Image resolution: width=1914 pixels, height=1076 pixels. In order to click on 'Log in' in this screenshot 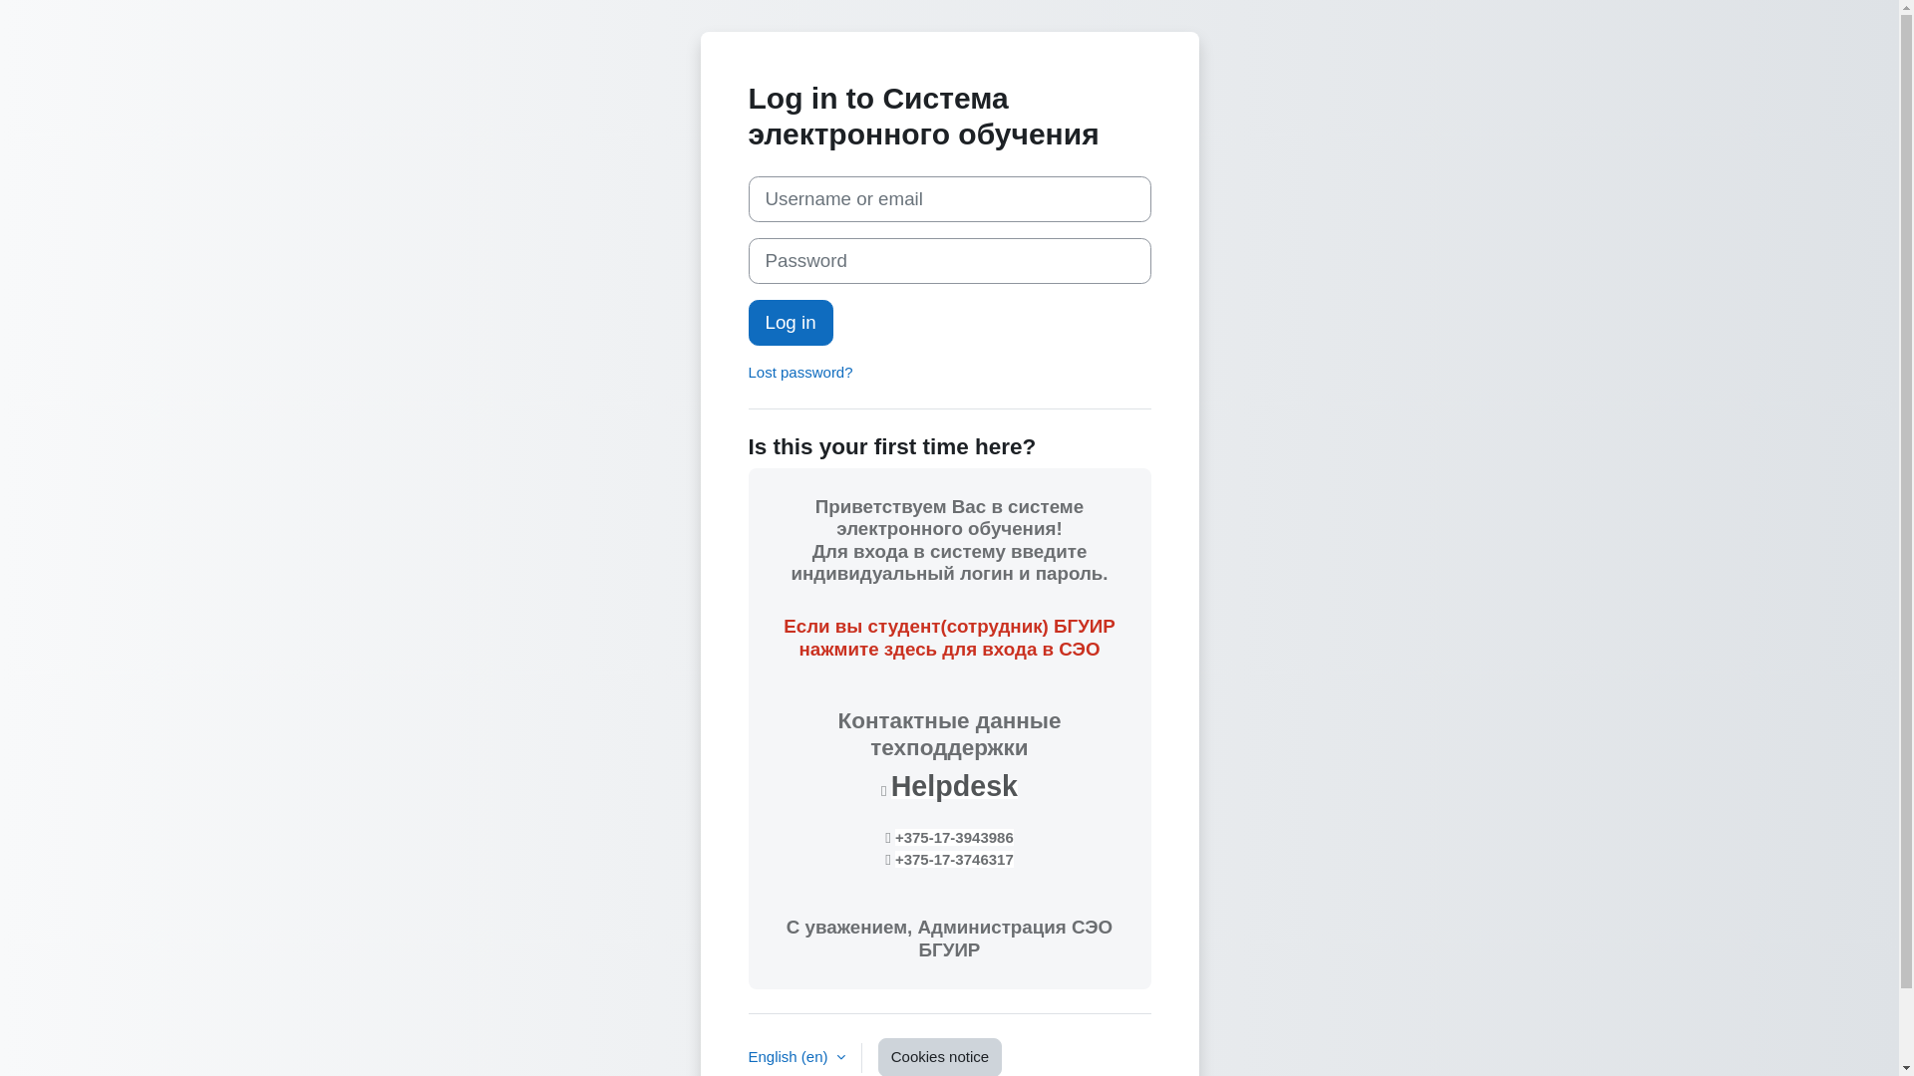, I will do `click(789, 322)`.